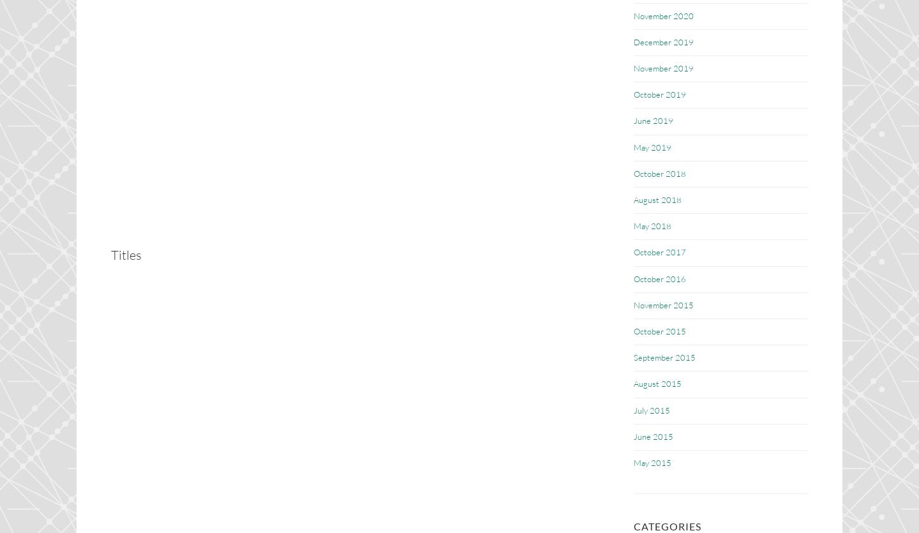  Describe the element at coordinates (652, 226) in the screenshot. I see `'May 2018'` at that location.